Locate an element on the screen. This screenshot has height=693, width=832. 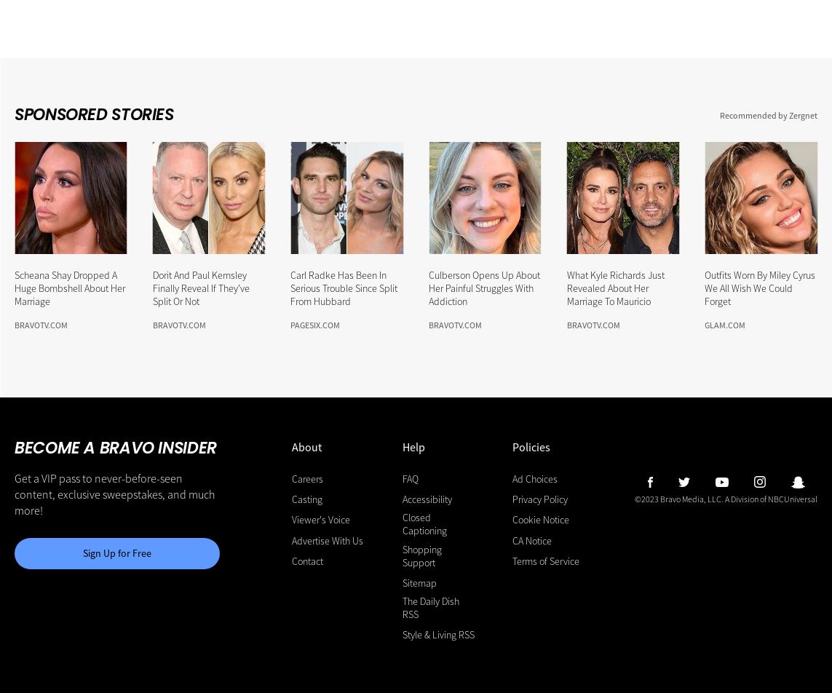
'Terms of Service' is located at coordinates (546, 560).